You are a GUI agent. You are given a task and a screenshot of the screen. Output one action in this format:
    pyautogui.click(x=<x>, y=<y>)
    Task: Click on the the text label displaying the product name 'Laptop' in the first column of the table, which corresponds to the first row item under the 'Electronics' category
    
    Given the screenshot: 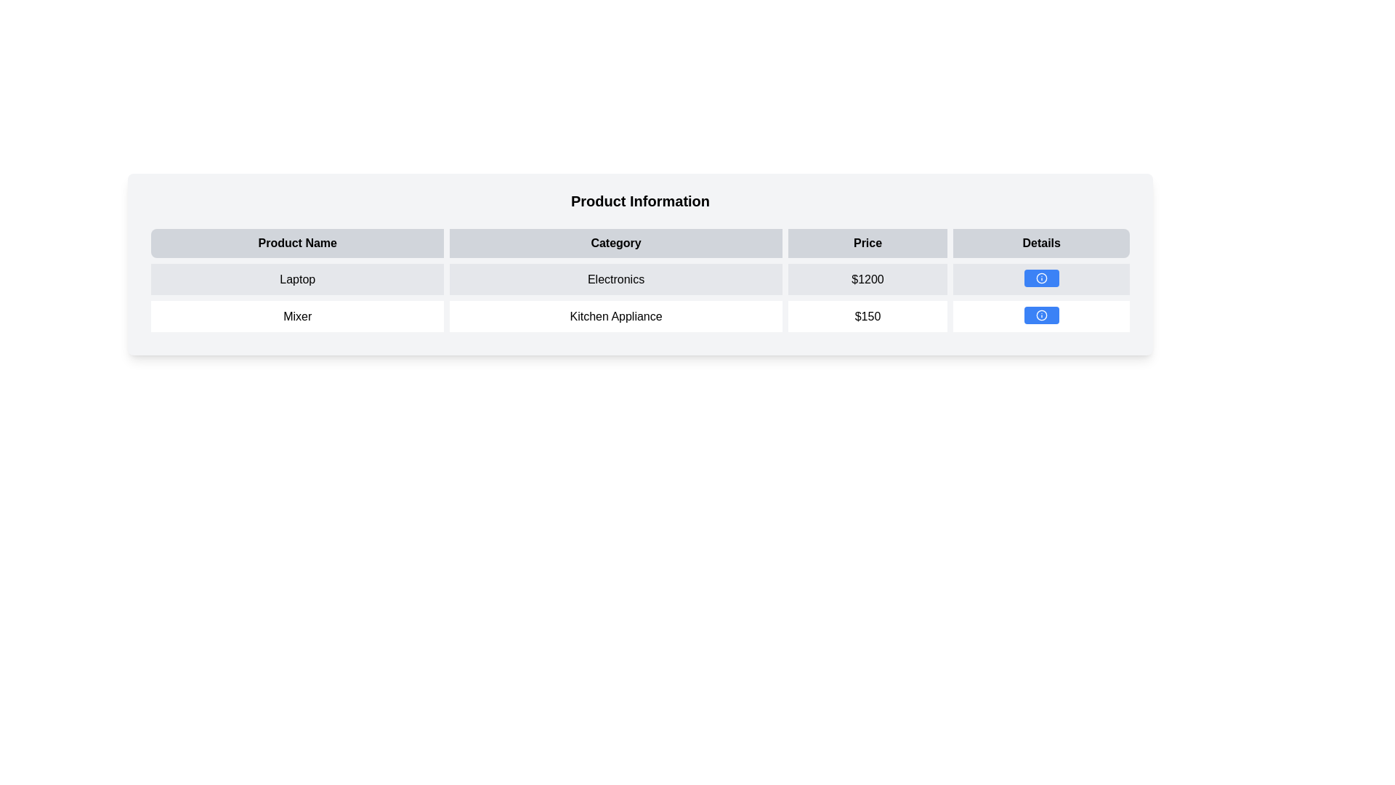 What is the action you would take?
    pyautogui.click(x=296, y=279)
    